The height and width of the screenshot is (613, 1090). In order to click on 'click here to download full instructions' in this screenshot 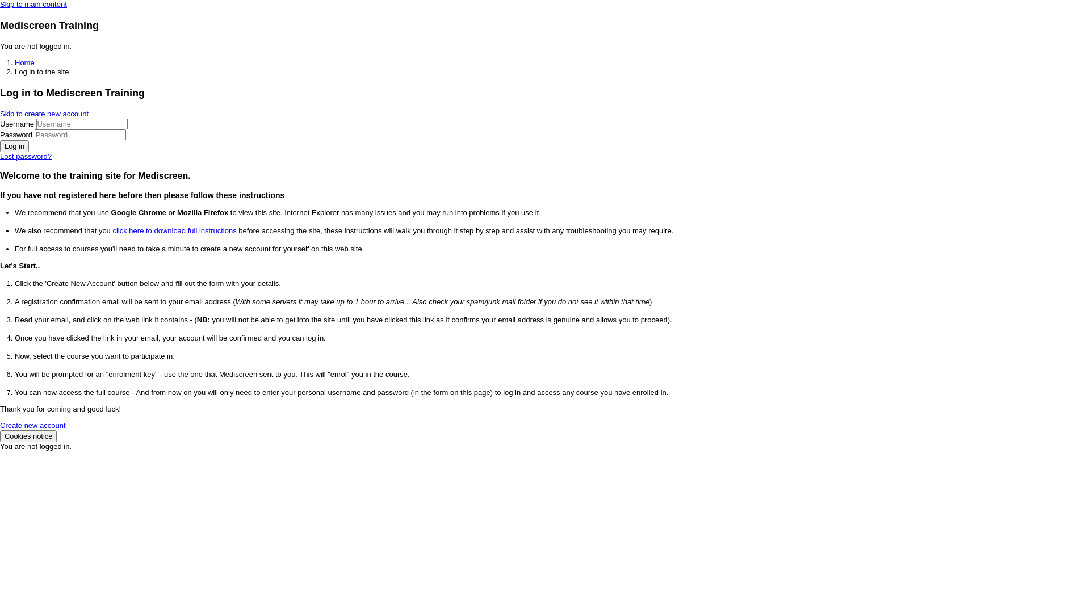, I will do `click(112, 230)`.